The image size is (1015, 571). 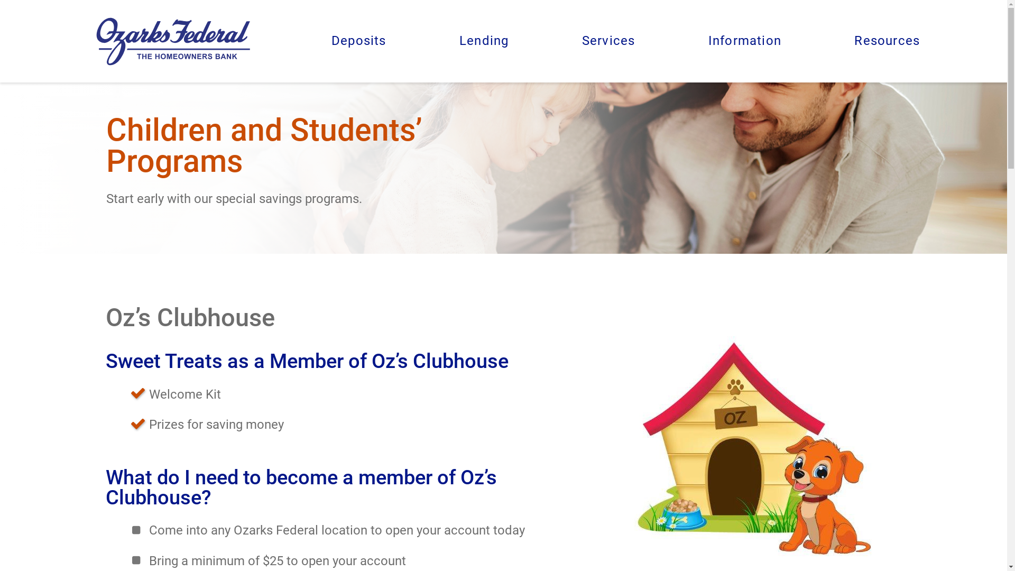 What do you see at coordinates (698, 40) in the screenshot?
I see `'Information'` at bounding box center [698, 40].